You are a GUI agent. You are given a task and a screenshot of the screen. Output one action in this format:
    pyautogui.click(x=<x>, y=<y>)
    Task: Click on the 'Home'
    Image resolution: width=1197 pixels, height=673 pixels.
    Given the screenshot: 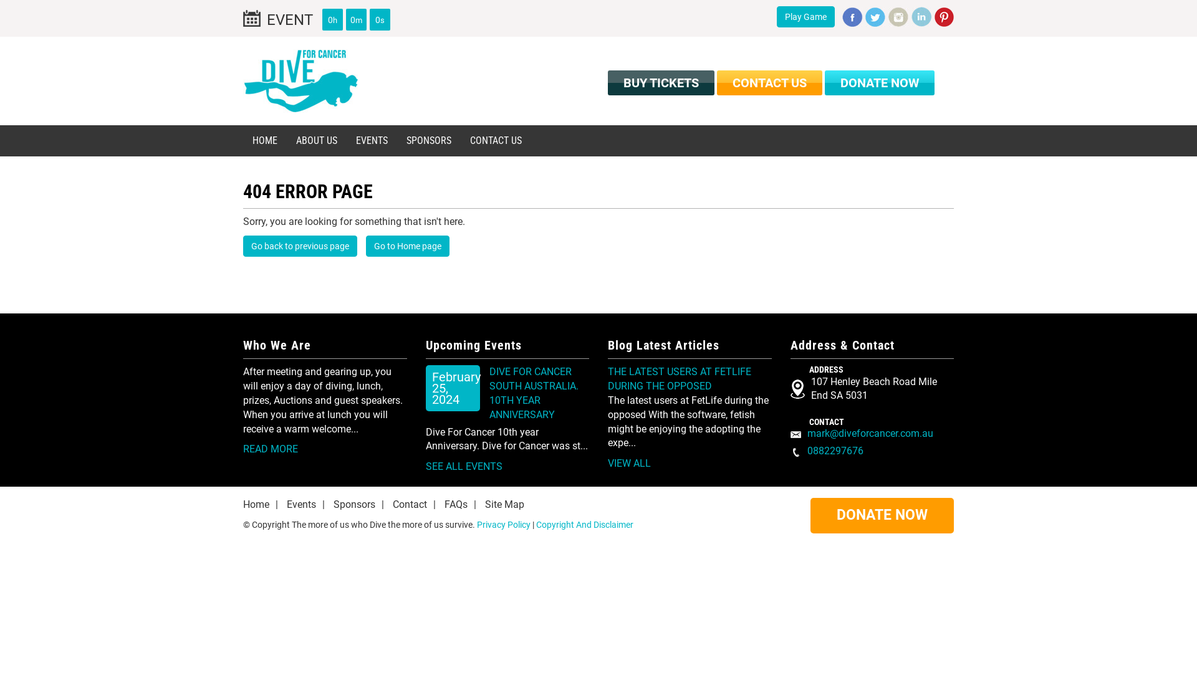 What is the action you would take?
    pyautogui.click(x=256, y=505)
    